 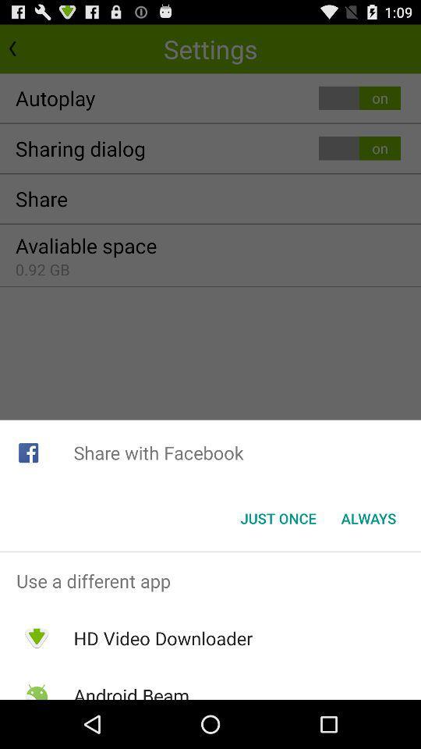 I want to click on icon to the left of always icon, so click(x=278, y=518).